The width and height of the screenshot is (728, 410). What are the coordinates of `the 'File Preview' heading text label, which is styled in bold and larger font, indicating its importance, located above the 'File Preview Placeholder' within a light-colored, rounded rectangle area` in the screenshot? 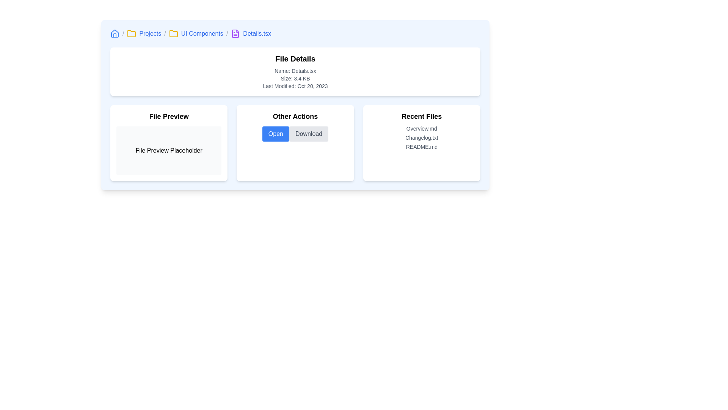 It's located at (168, 117).